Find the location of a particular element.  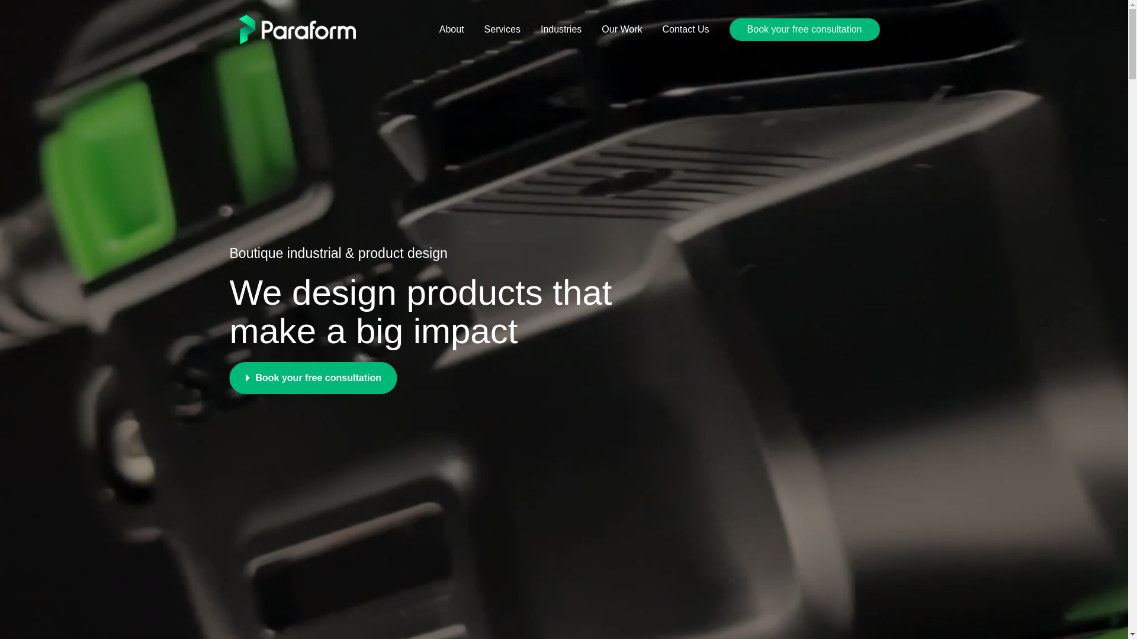

'Contact Us' is located at coordinates (685, 29).